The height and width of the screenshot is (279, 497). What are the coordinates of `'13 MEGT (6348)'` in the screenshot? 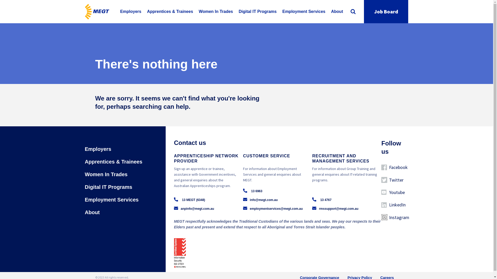 It's located at (178, 200).